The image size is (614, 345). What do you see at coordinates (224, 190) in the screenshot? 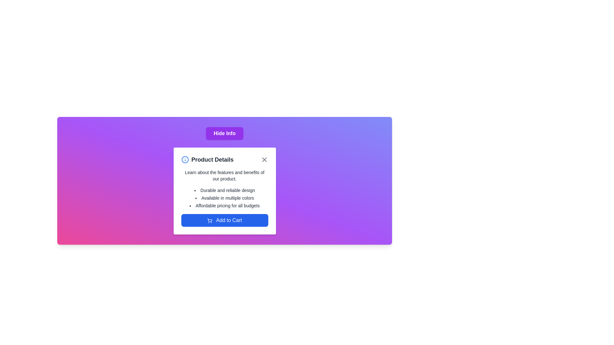
I see `the first bulleted list item reading 'Durable and reliable design' under the 'Product Details' section` at bounding box center [224, 190].